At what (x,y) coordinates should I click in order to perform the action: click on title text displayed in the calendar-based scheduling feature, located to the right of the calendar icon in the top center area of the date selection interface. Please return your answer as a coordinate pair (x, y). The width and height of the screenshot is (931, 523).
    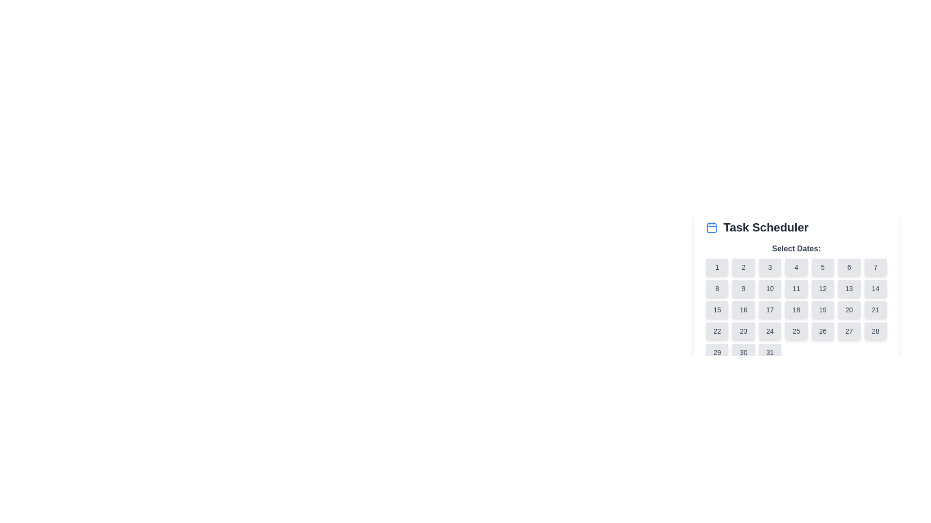
    Looking at the image, I should click on (765, 228).